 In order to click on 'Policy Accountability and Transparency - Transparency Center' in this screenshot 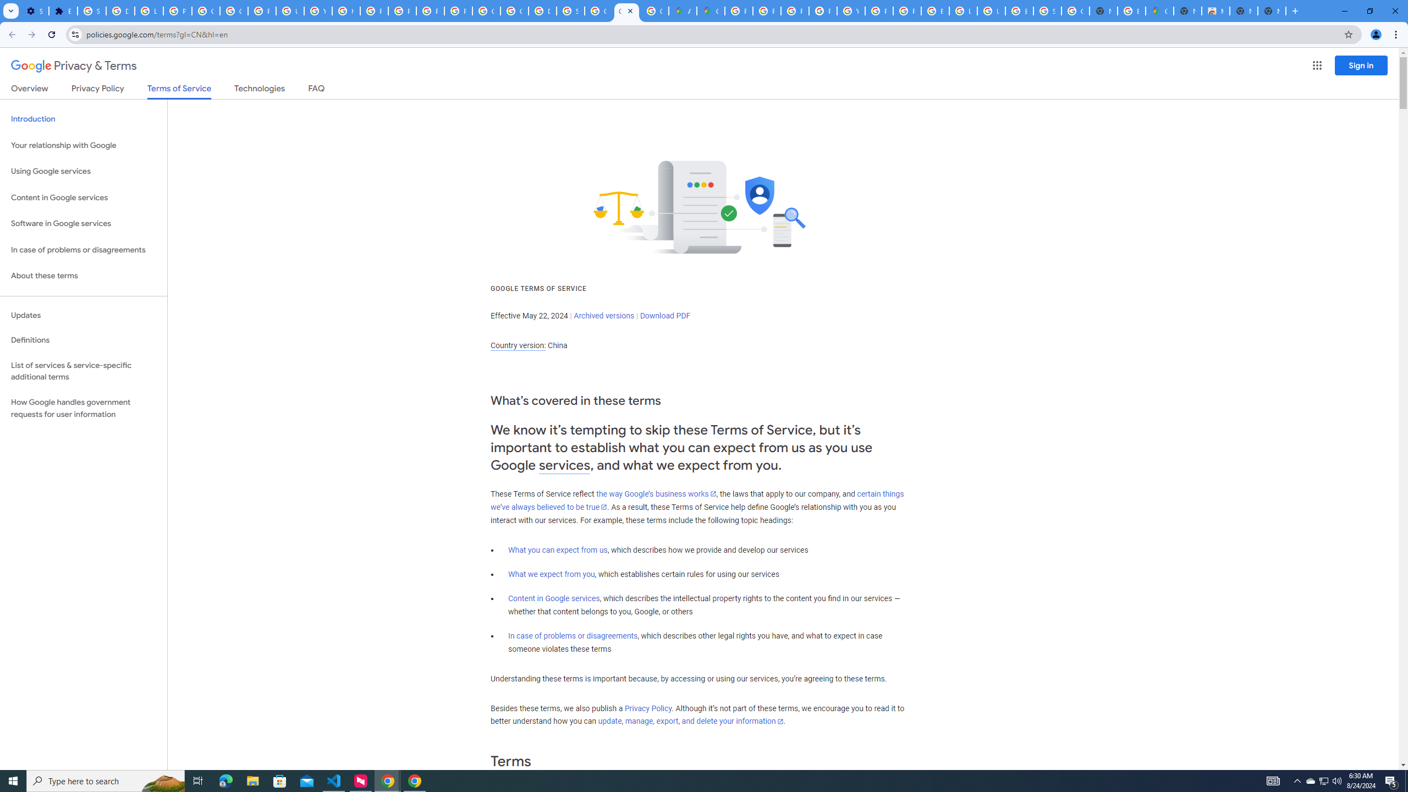, I will do `click(738, 10)`.